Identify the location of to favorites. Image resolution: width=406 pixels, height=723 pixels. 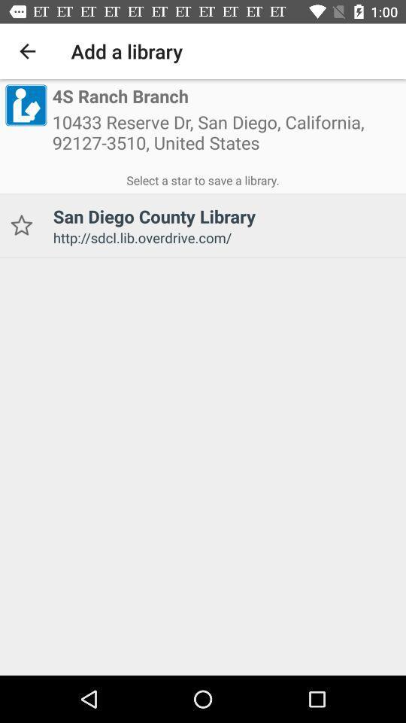
(20, 224).